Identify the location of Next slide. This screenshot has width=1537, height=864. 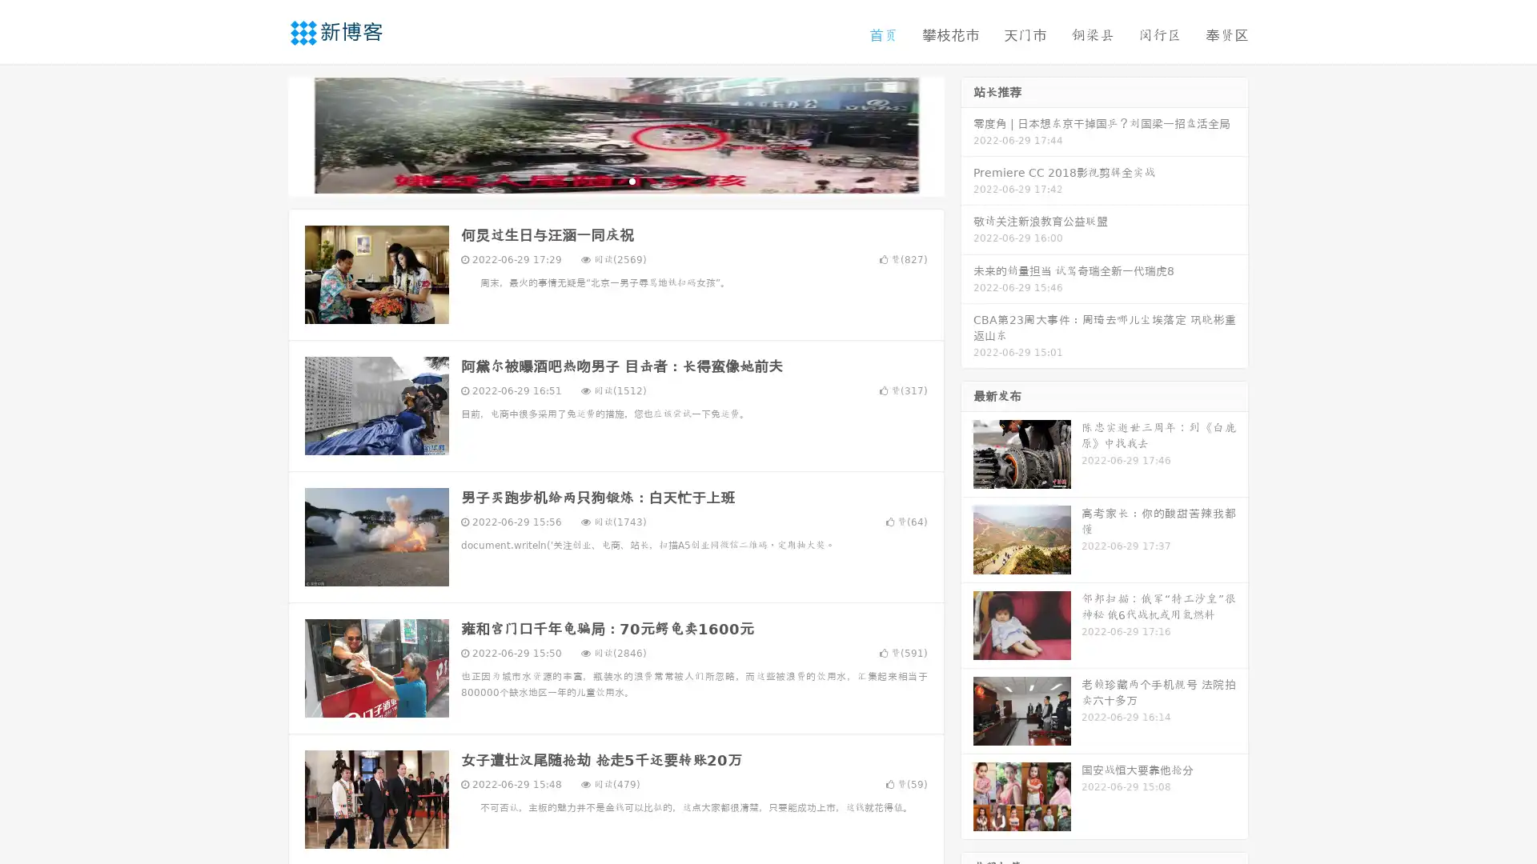
(967, 134).